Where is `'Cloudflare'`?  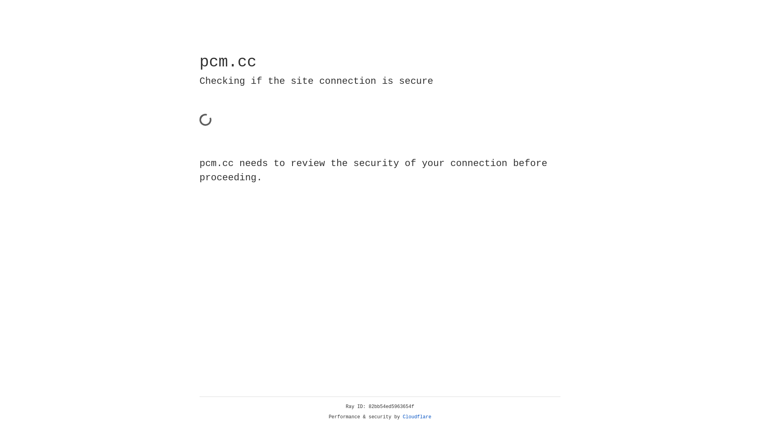
'Cloudflare' is located at coordinates (417, 417).